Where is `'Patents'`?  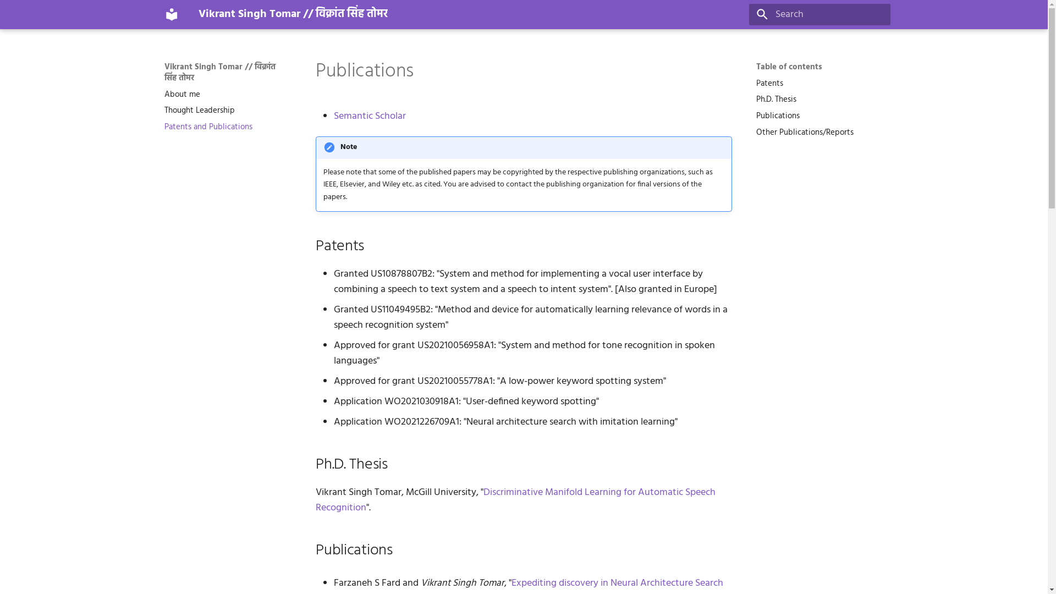
'Patents' is located at coordinates (818, 82).